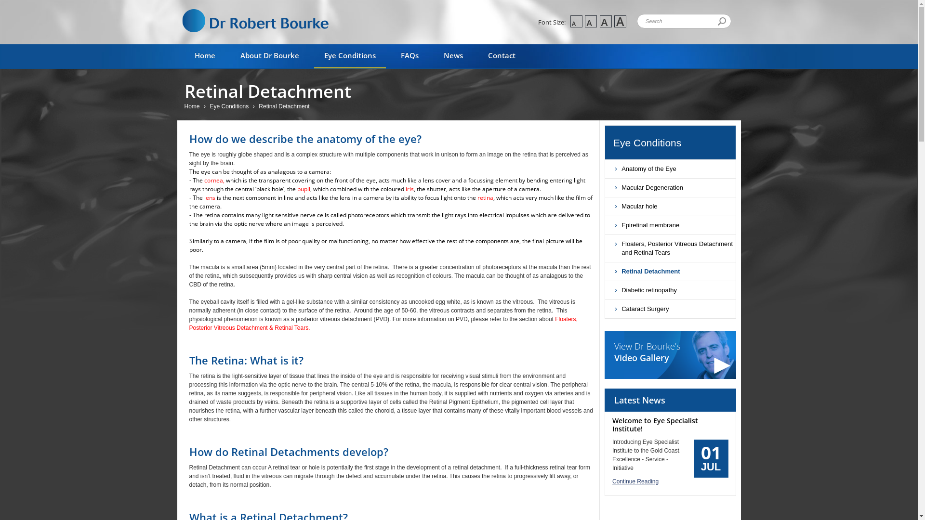 Image resolution: width=925 pixels, height=520 pixels. I want to click on 'Contact', so click(501, 56).